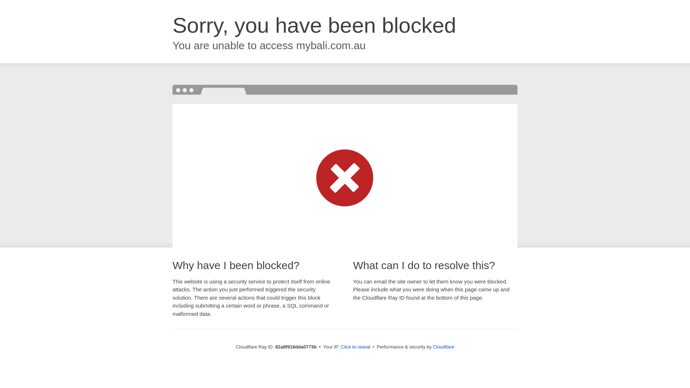 The height and width of the screenshot is (388, 690). What do you see at coordinates (341, 346) in the screenshot?
I see `'Click to reveal'` at bounding box center [341, 346].